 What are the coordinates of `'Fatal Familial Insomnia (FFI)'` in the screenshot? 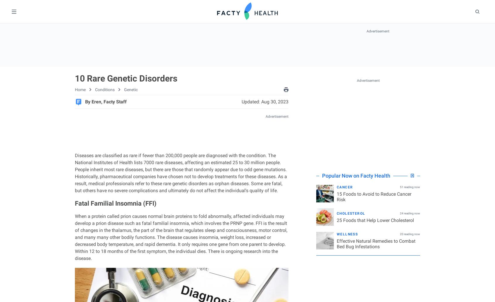 It's located at (116, 203).